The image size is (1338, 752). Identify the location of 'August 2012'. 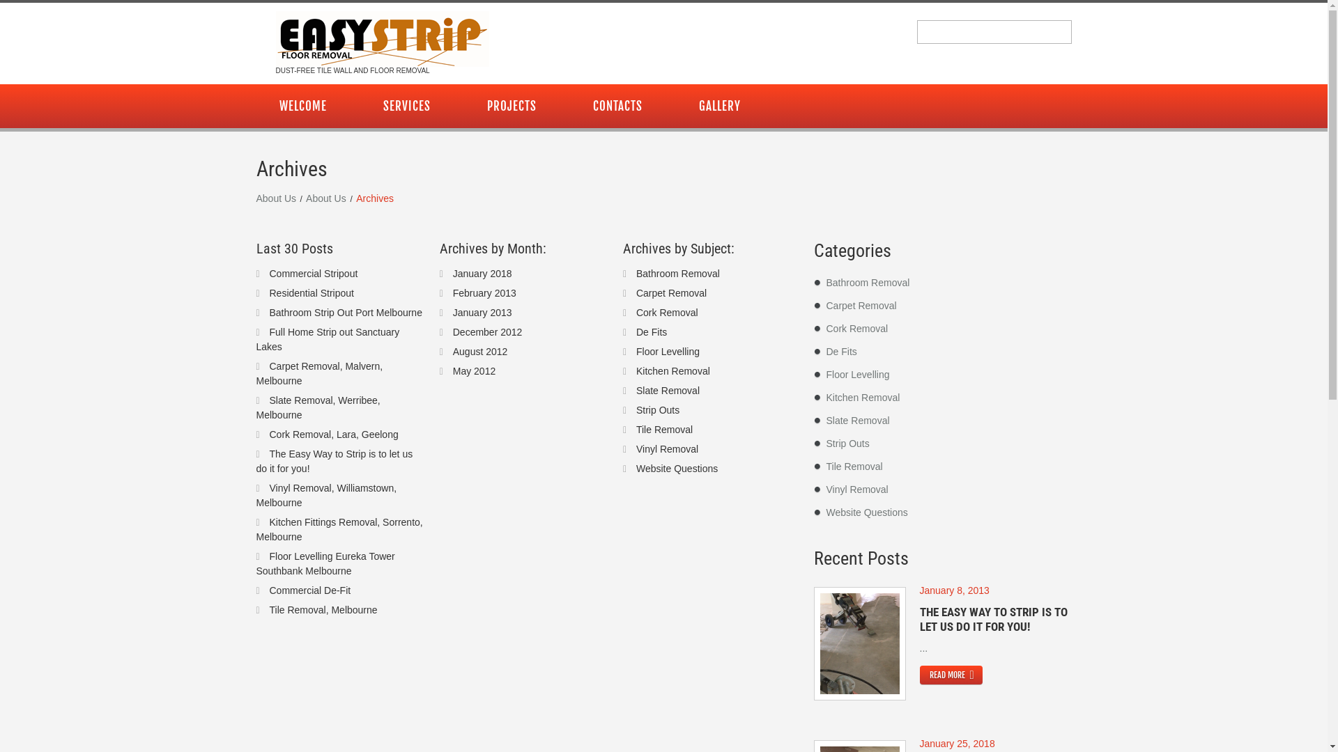
(480, 350).